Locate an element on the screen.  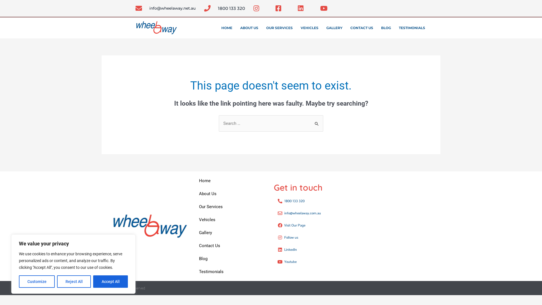
'1800 133 320' is located at coordinates (312, 201).